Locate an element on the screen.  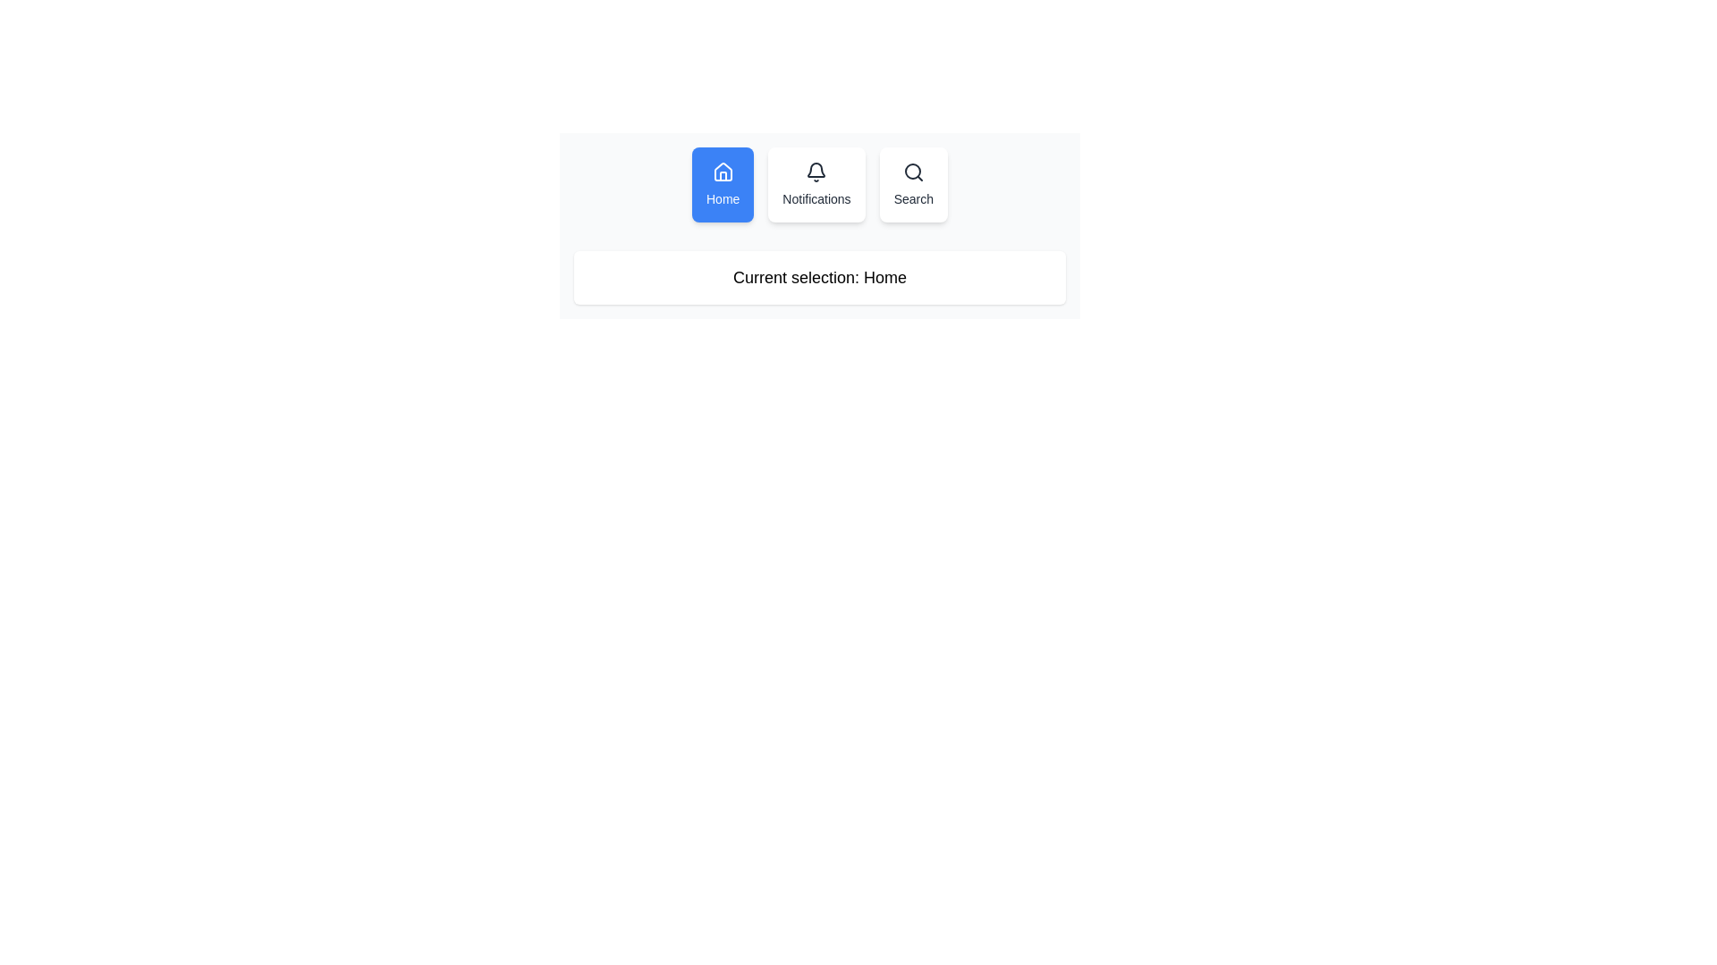
the 'Notifications' button, which features a bell icon and a label in a clean sans-serif font is located at coordinates (816, 185).